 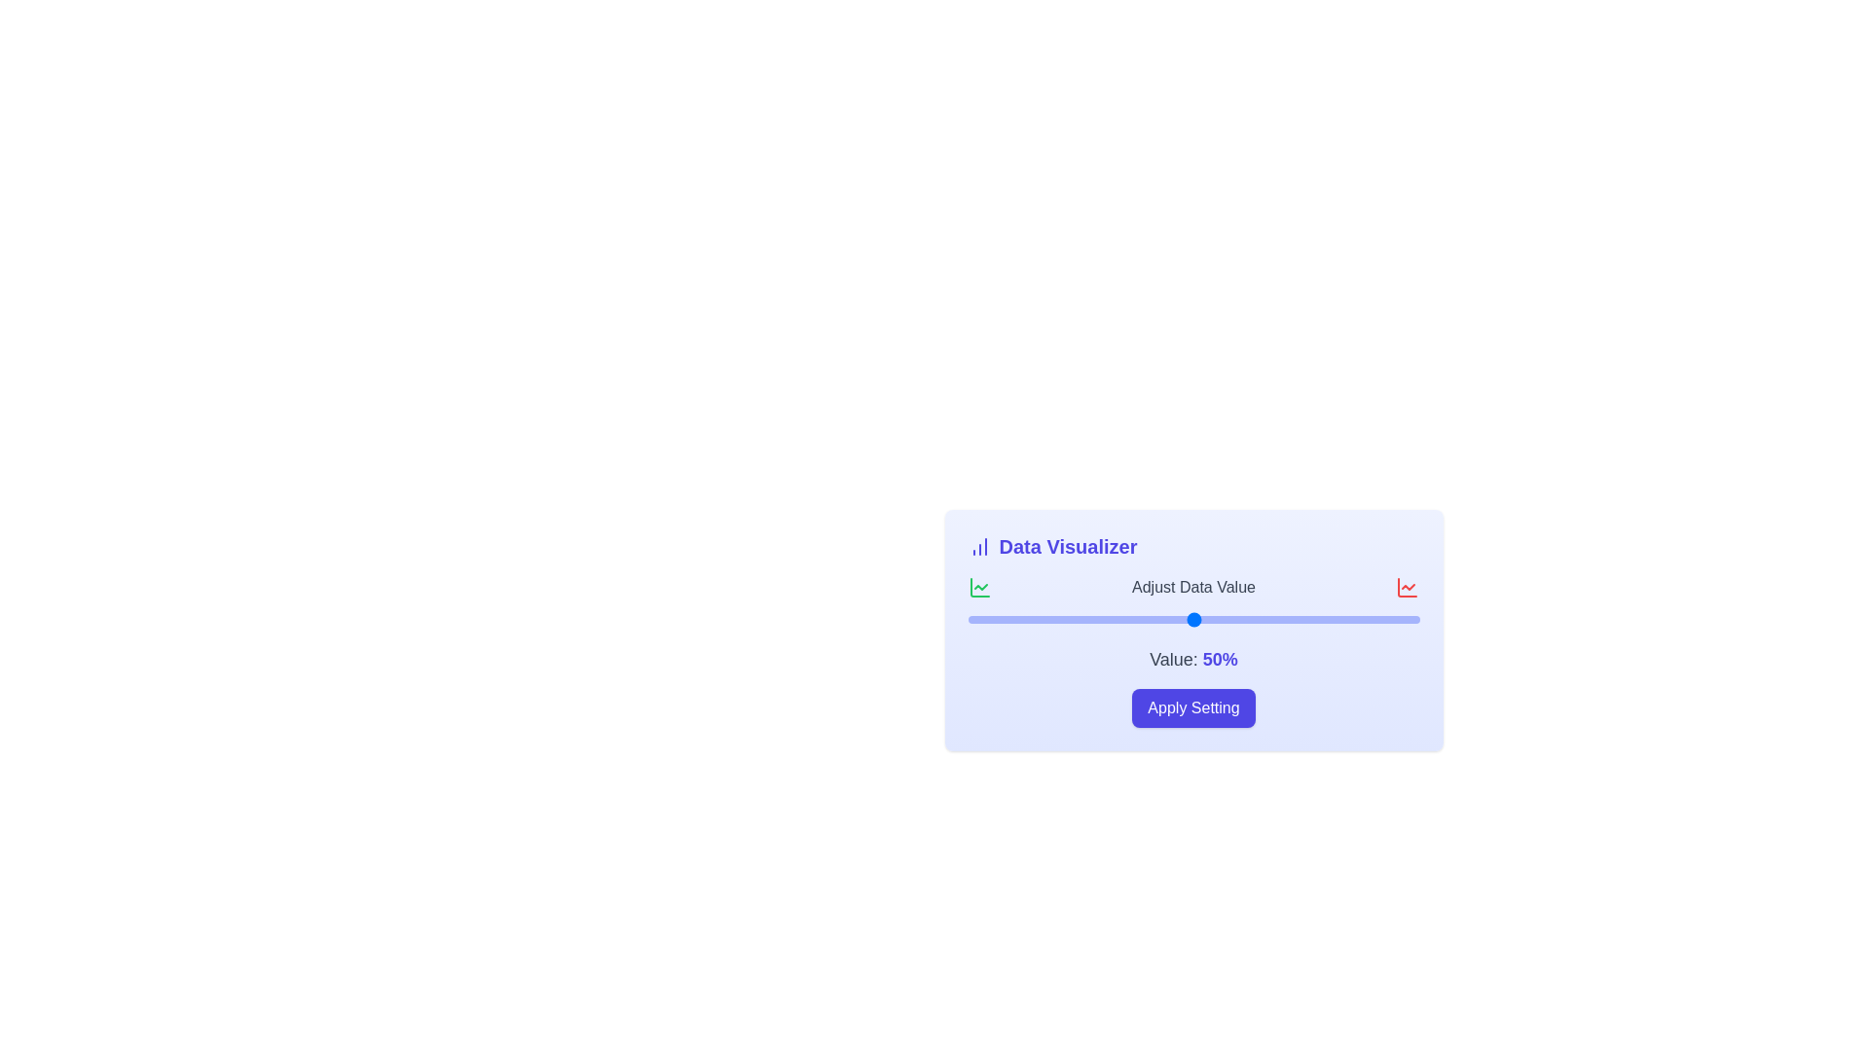 I want to click on the icon in the top-right corner of the 'Data Visualizer' panel, which is associated with adjusting data values, so click(x=1408, y=587).